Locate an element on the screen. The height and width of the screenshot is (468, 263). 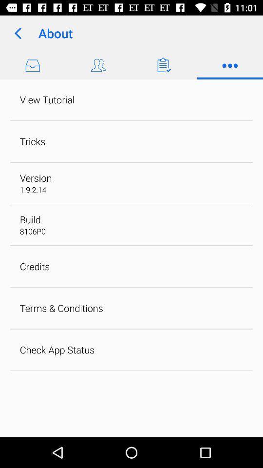
build icon is located at coordinates (30, 219).